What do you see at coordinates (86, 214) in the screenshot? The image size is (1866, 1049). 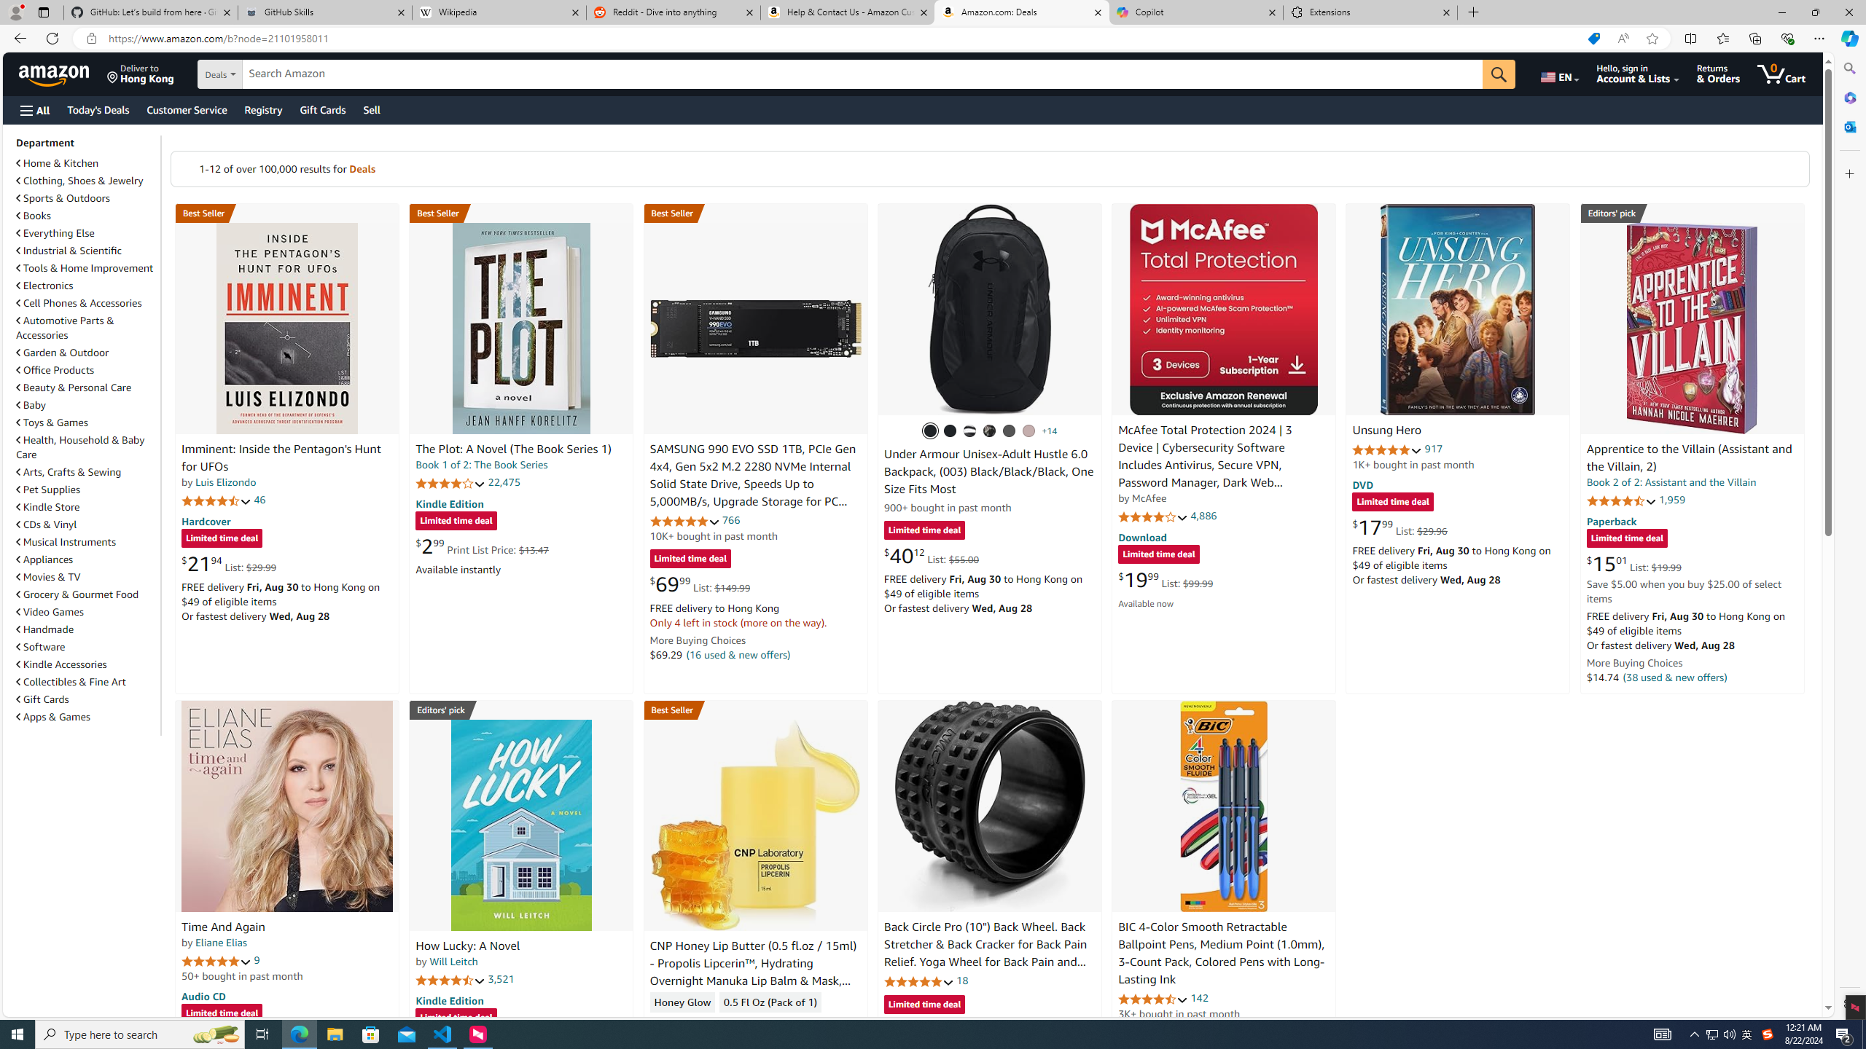 I see `'Books'` at bounding box center [86, 214].